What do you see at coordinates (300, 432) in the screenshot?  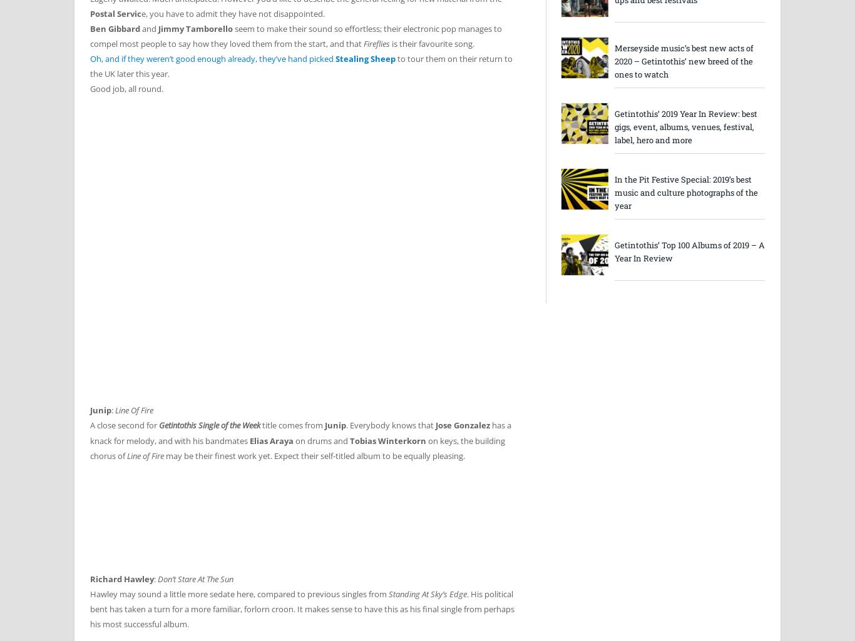 I see `'has a knack for melody, and with his bandmates'` at bounding box center [300, 432].